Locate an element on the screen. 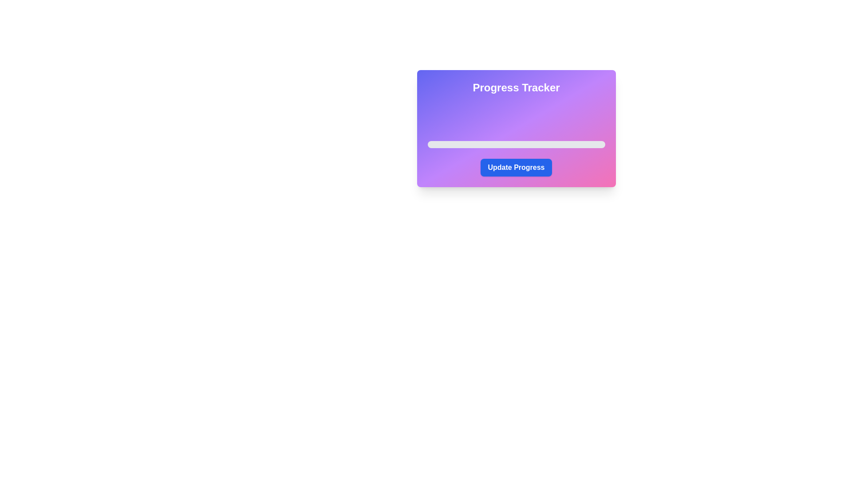 The image size is (852, 479). the horizontal progress bar located beneath the circular icon and above the blue button labeled 'Update Progress' is located at coordinates (516, 144).